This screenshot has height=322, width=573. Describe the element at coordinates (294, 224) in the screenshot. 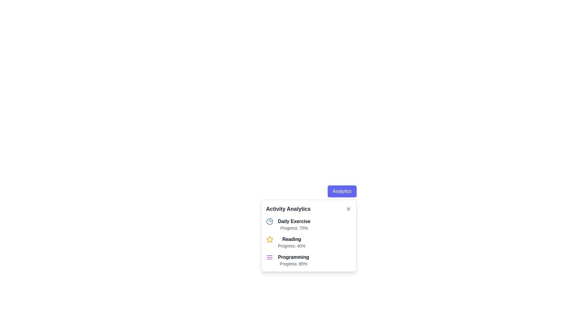

I see `'Daily Exercise' label with the statistic summary showing 'Progress: 75%' located in the analytics card interface, positioned near the bottom-right corner` at that location.